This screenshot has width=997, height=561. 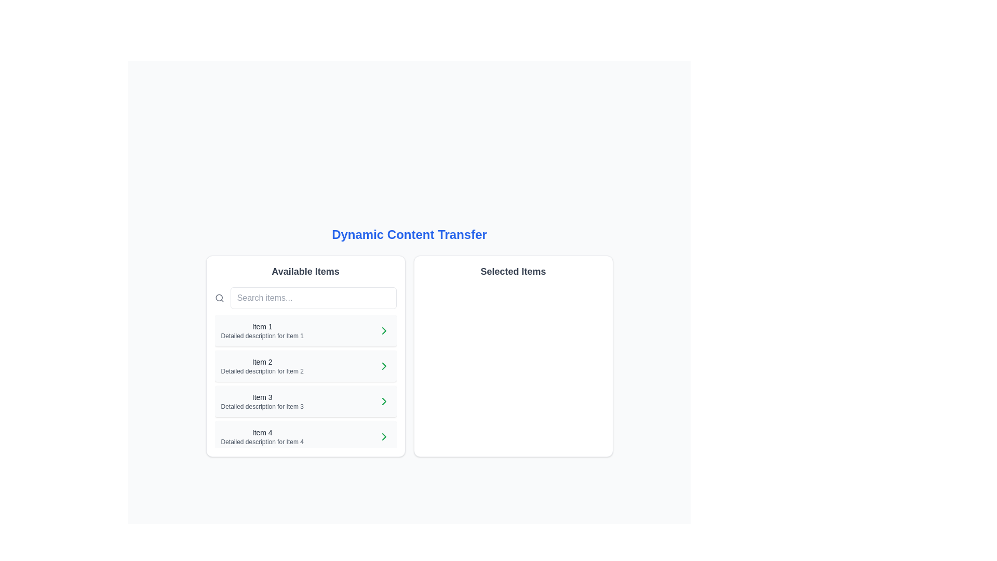 I want to click on the SVG Circle element which is part of the search icon in the 'Available Items' section, enhancing user understanding of the input field's functionality, so click(x=218, y=298).